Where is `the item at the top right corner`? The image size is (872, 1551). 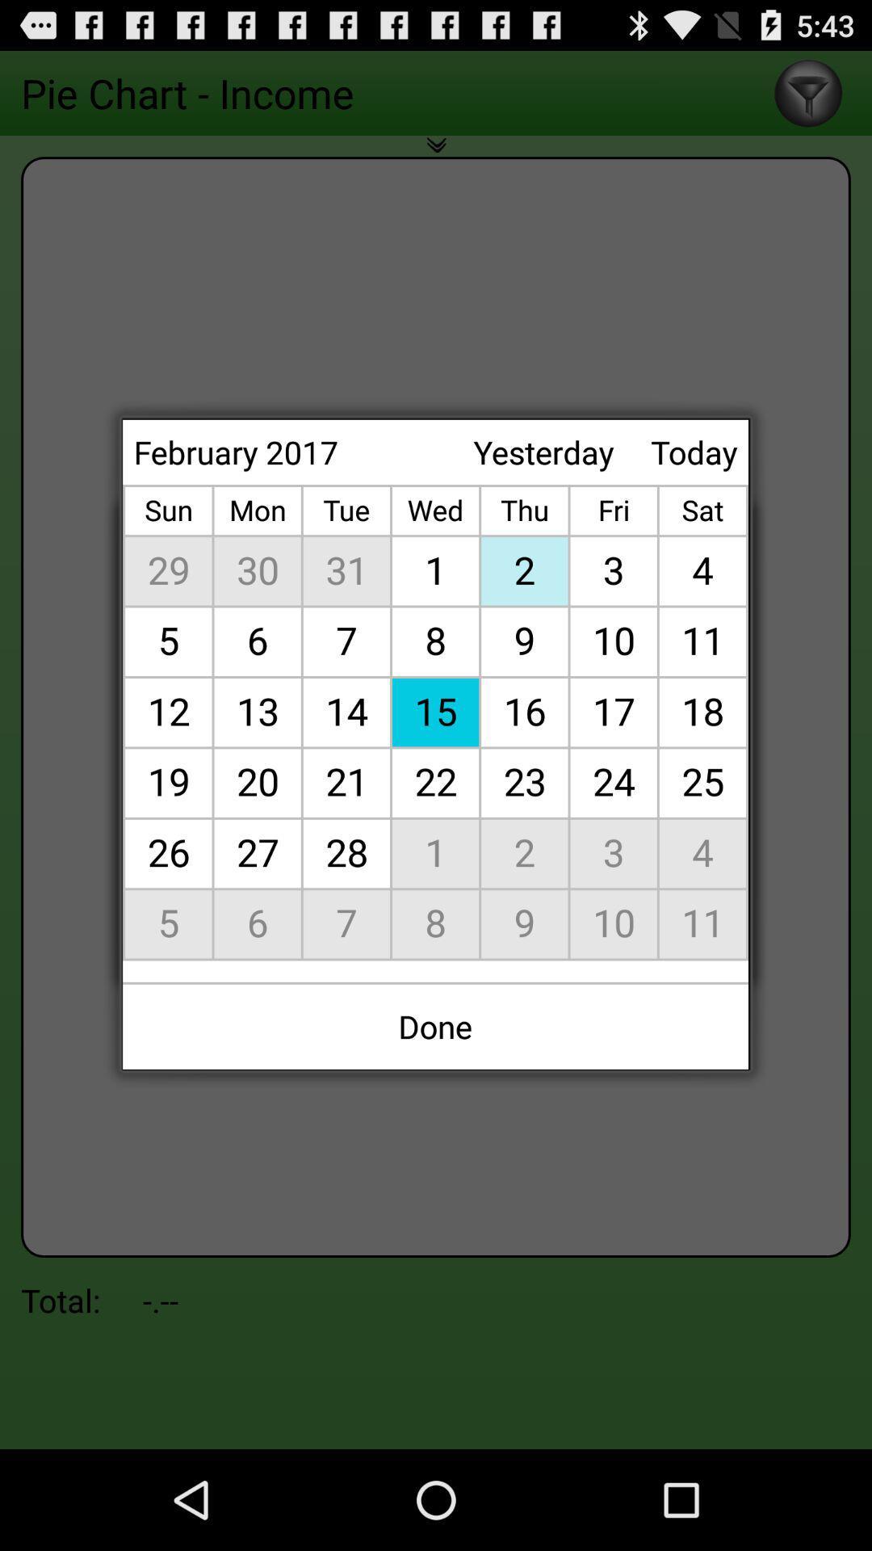
the item at the top right corner is located at coordinates (693, 452).